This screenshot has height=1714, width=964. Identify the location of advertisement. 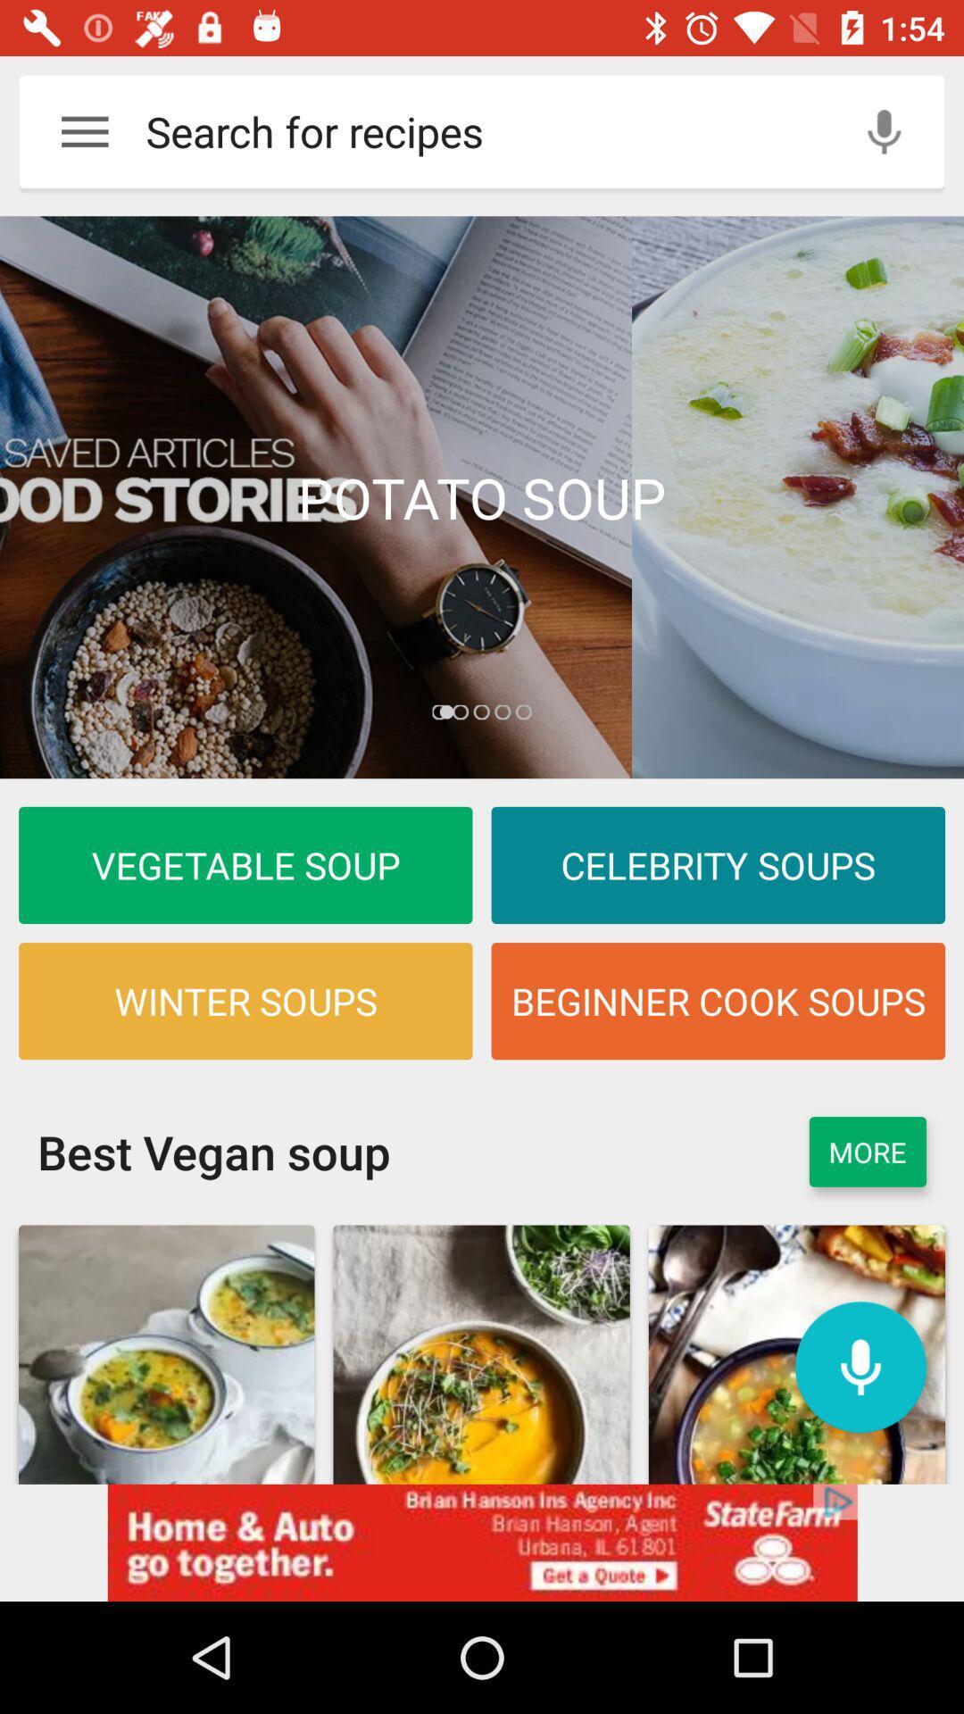
(482, 1542).